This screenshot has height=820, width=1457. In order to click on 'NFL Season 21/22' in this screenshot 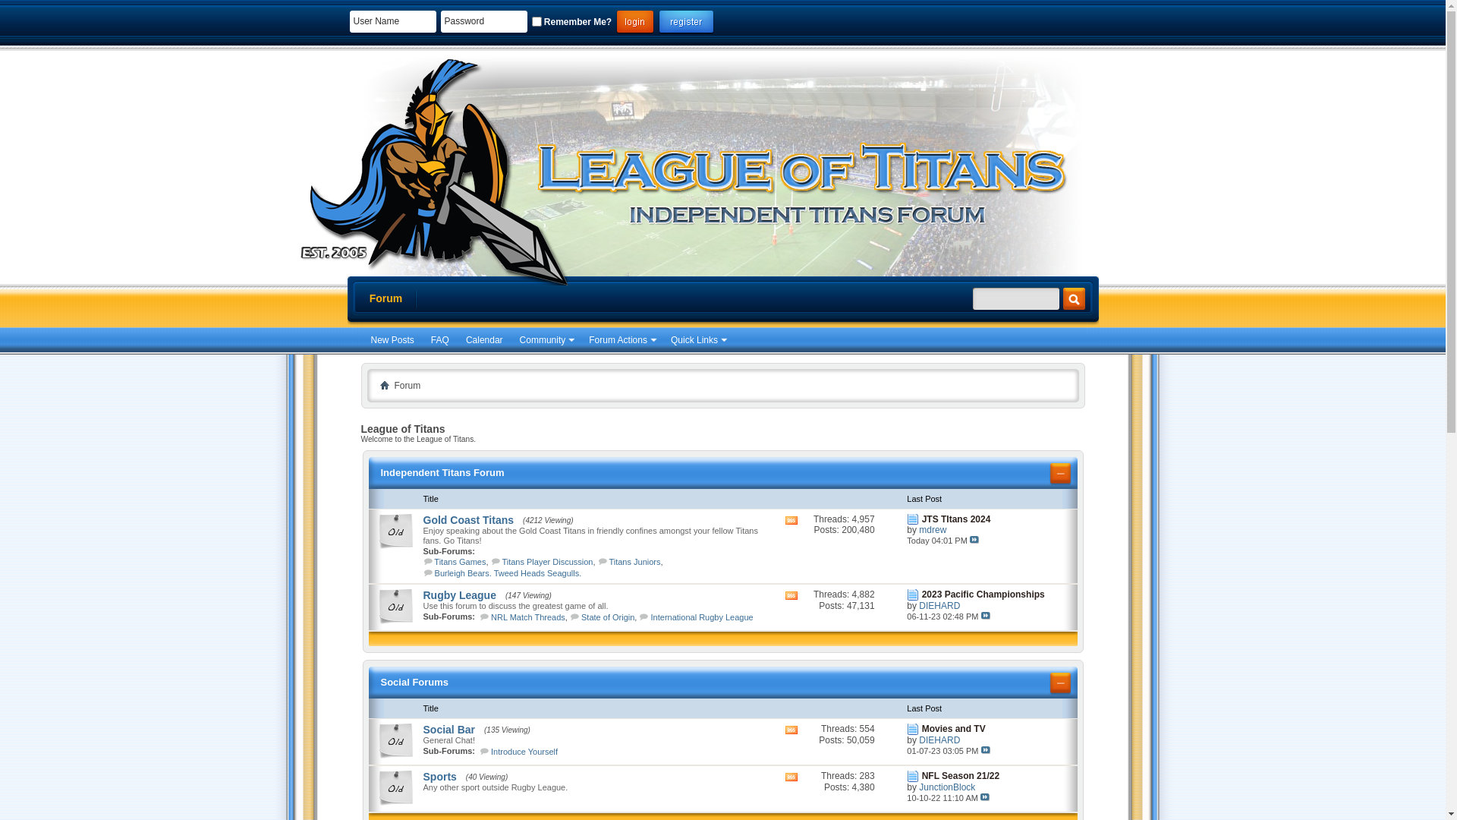, I will do `click(960, 776)`.